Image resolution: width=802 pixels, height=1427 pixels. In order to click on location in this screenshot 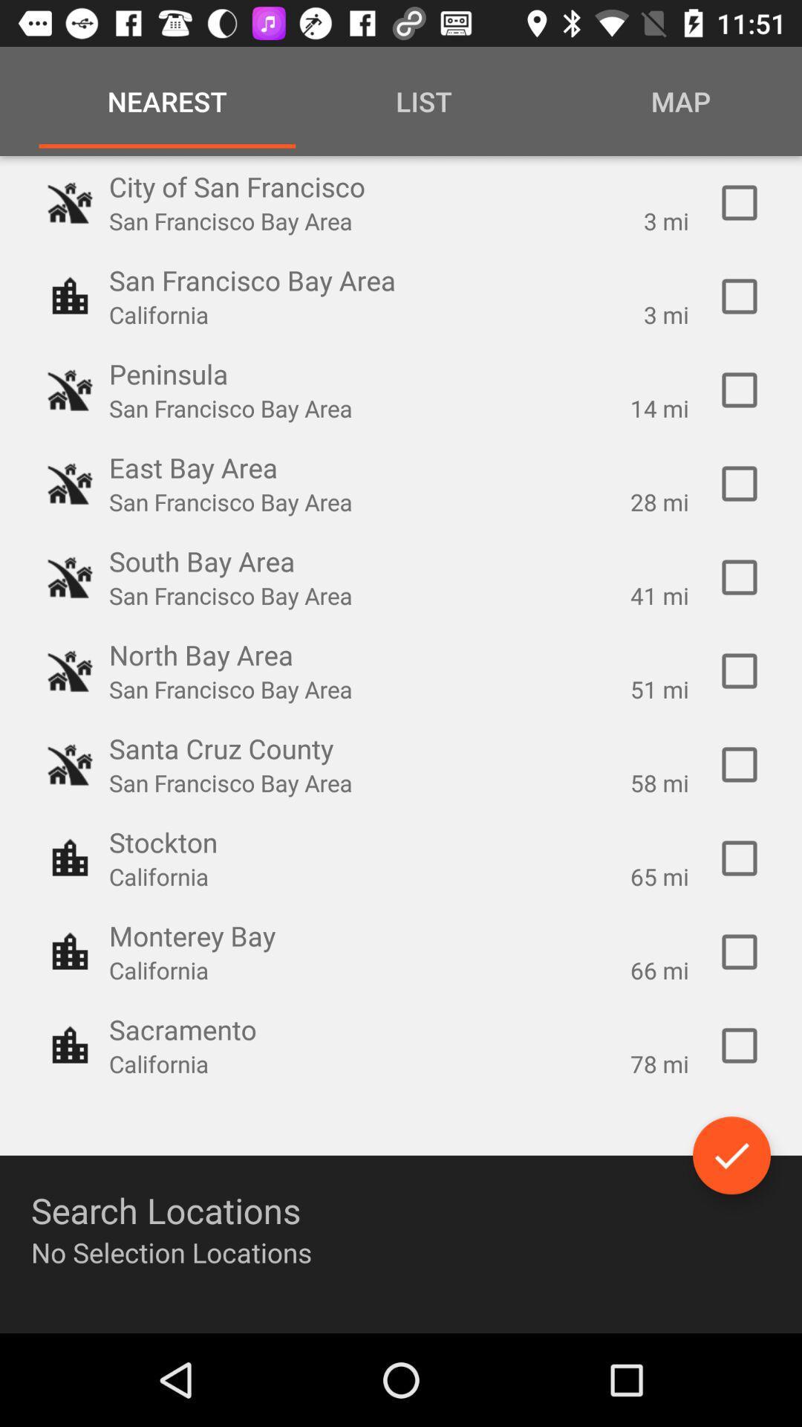, I will do `click(739, 484)`.